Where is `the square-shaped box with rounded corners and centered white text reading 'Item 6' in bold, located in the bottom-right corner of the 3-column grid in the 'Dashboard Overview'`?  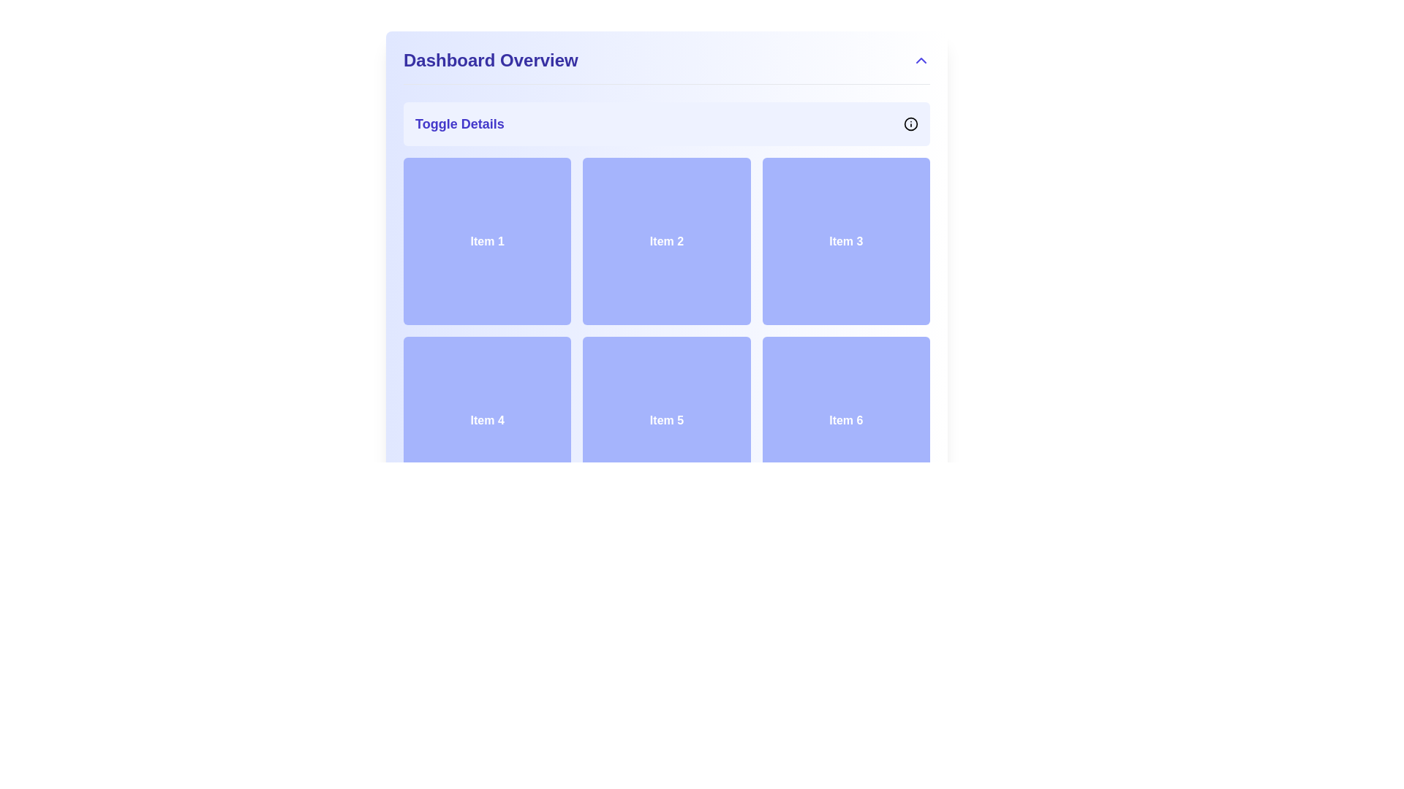
the square-shaped box with rounded corners and centered white text reading 'Item 6' in bold, located in the bottom-right corner of the 3-column grid in the 'Dashboard Overview' is located at coordinates (846, 420).